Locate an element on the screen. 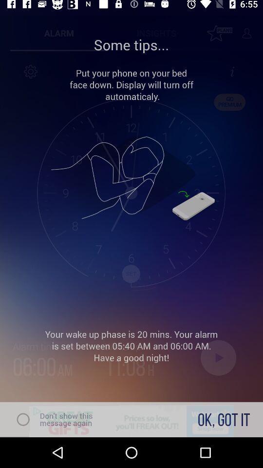  the text  k got it is located at coordinates (224, 419).